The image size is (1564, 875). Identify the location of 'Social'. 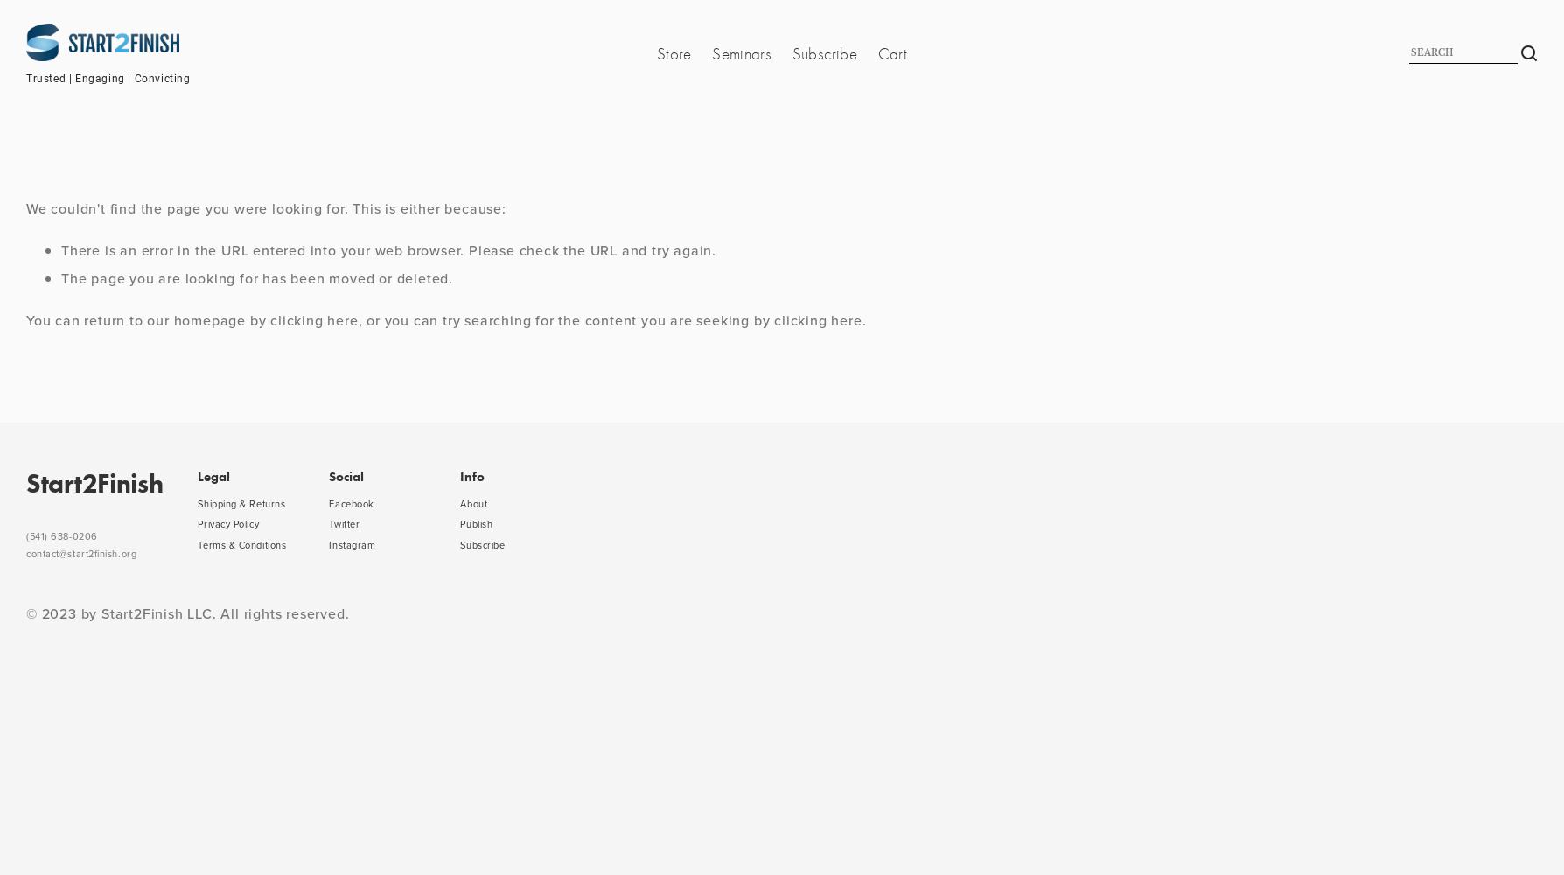
(346, 476).